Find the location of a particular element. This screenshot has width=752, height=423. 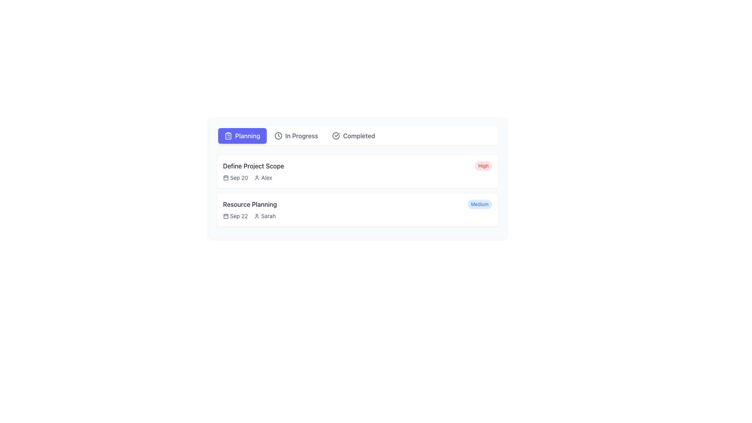

the 'In Progress' filter button, which is the second button in a horizontal arrangement of three buttons is located at coordinates (295, 136).